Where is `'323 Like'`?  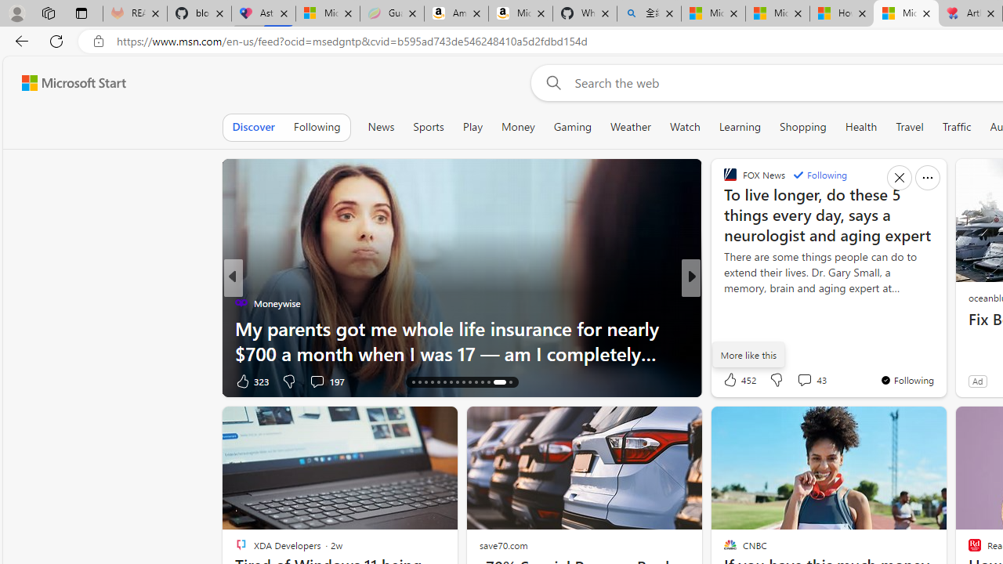 '323 Like' is located at coordinates (251, 381).